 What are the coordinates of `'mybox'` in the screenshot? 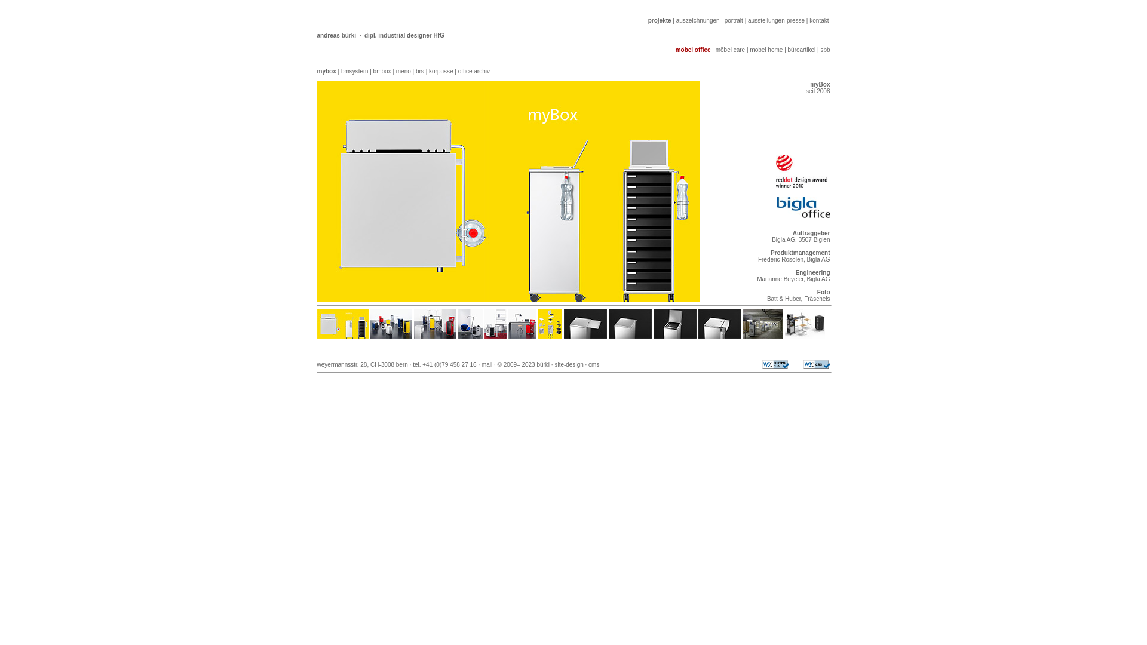 It's located at (326, 71).